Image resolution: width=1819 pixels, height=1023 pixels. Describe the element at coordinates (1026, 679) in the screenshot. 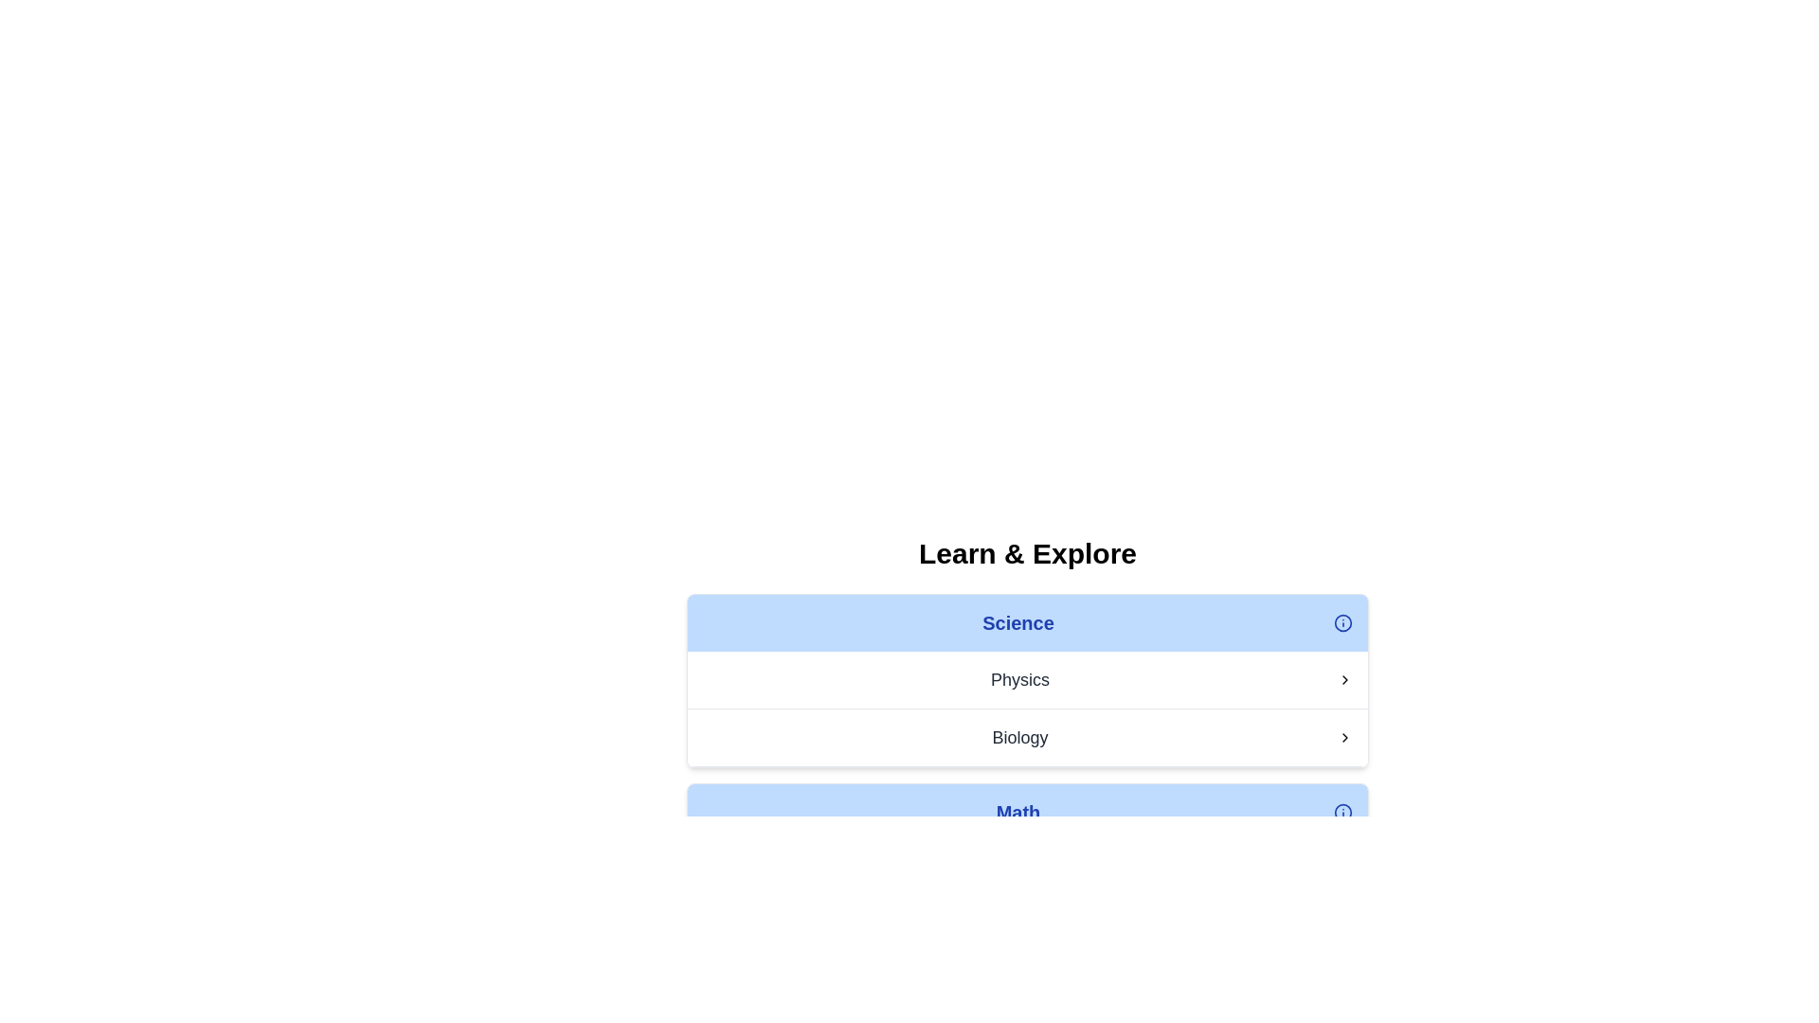

I see `the first list item under the 'Science' section that displays the text 'Physics' and has a chevron icon on the right` at that location.